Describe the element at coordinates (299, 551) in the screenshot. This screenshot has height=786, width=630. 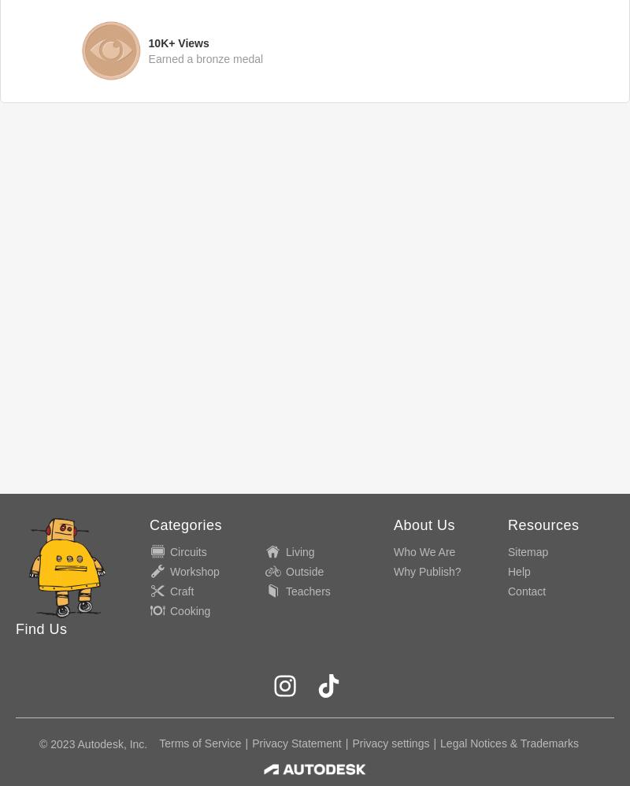
I see `'Living'` at that location.